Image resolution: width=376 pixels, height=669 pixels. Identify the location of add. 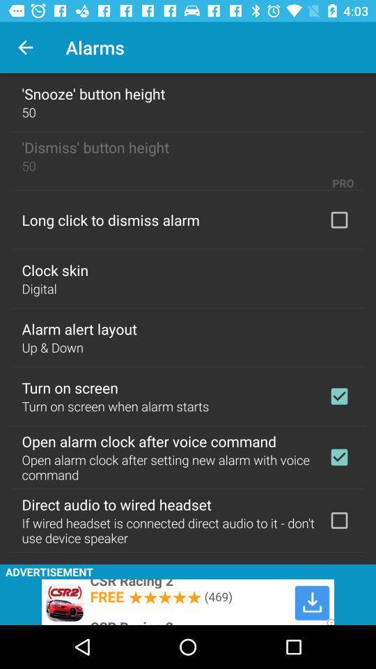
(338, 519).